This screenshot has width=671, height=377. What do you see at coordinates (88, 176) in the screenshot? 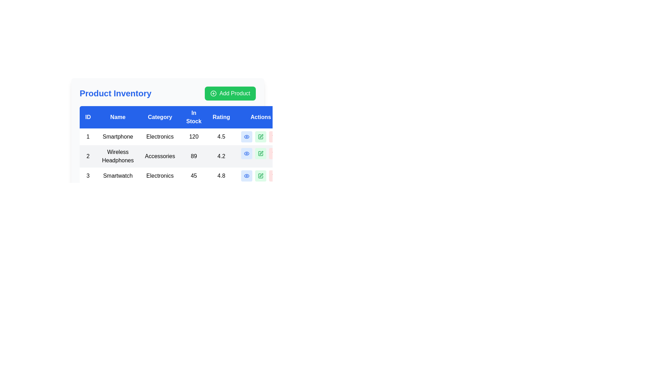
I see `the numerical text '3' in the ID column of the 'Smartwatch' row` at bounding box center [88, 176].